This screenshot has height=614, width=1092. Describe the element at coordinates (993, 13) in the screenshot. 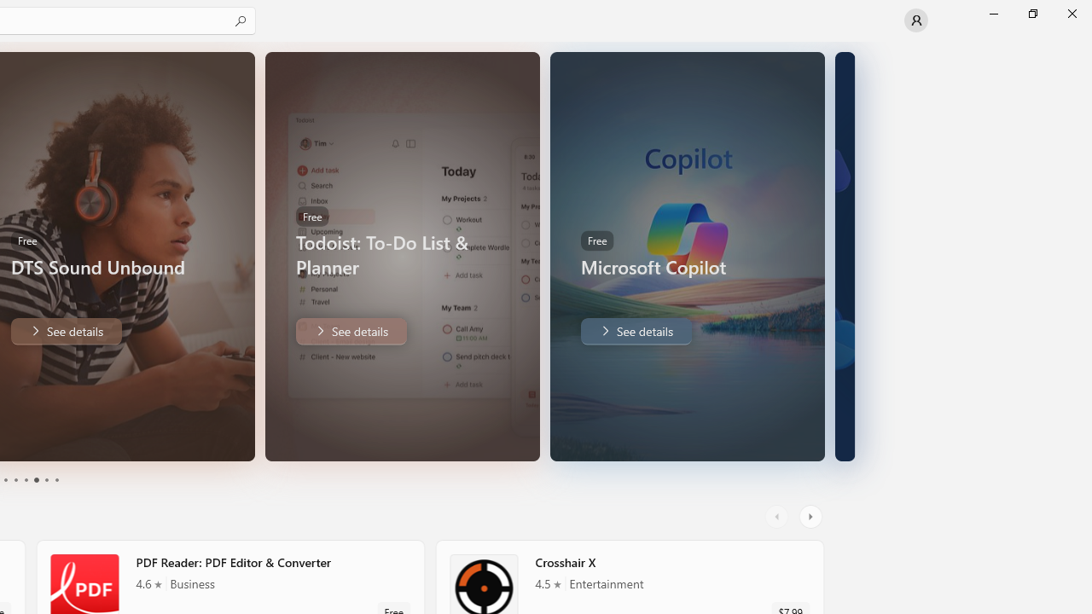

I see `'Minimize Microsoft Store'` at that location.